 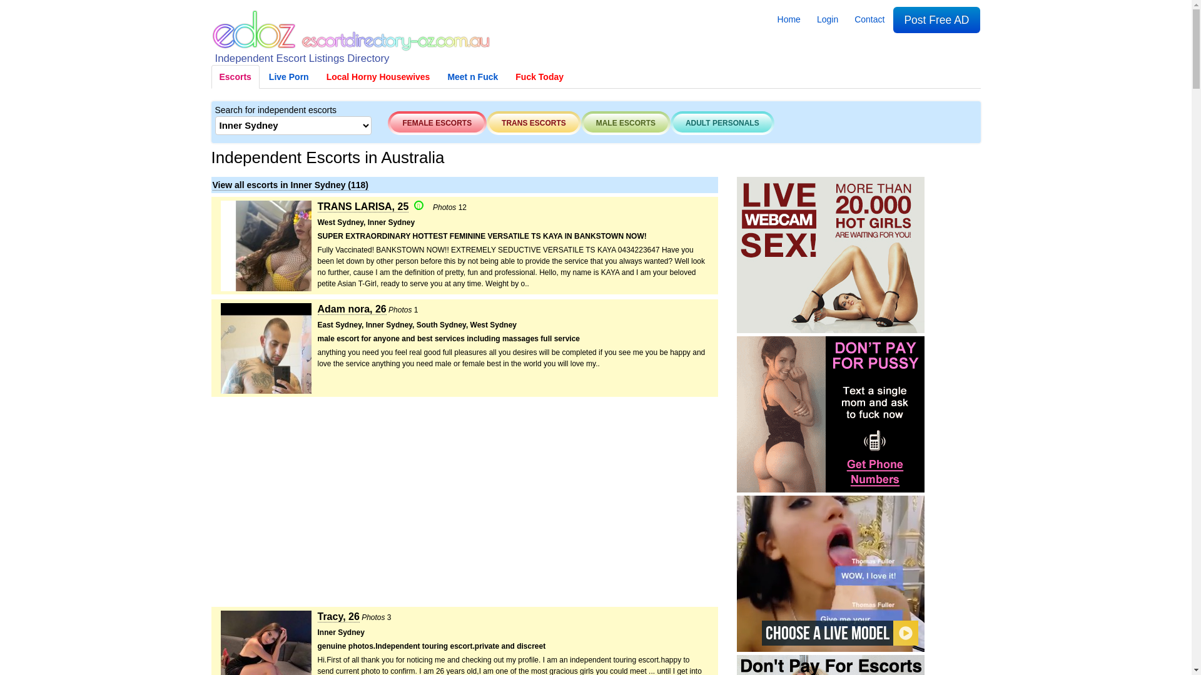 What do you see at coordinates (539, 77) in the screenshot?
I see `'Fuck Today'` at bounding box center [539, 77].